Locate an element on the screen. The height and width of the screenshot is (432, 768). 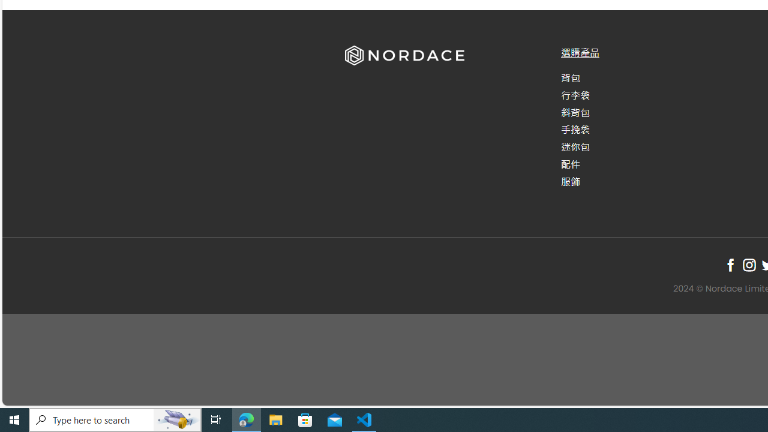
'Follow on Facebook' is located at coordinates (730, 264).